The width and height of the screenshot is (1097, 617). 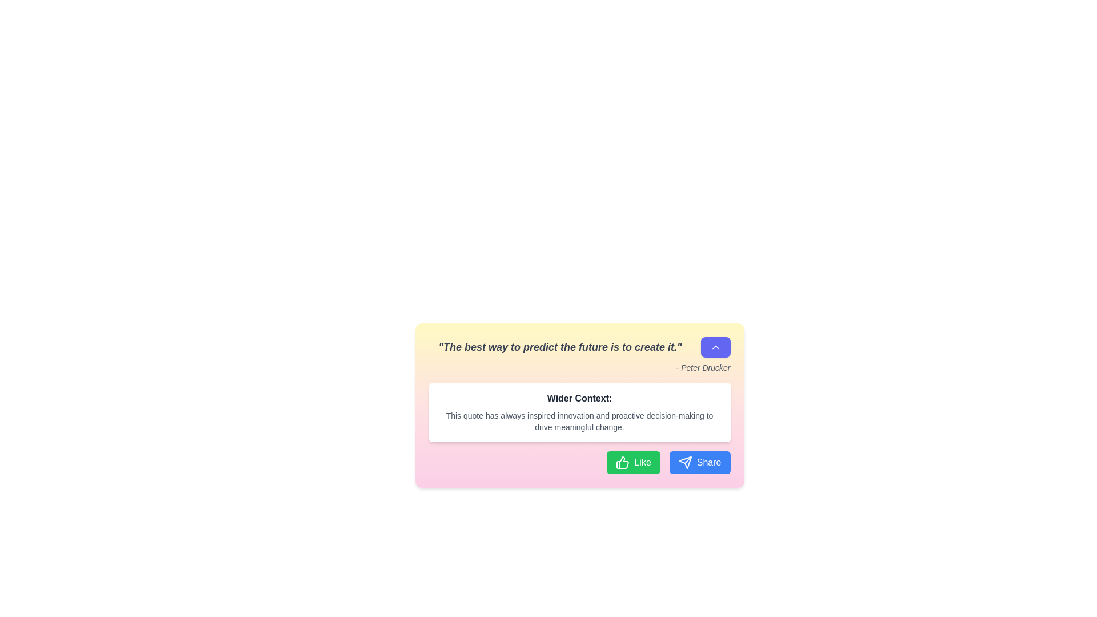 I want to click on the center of the icon located at the top-right corner of the quote card, which serves as a button for expanding or collapsing content, so click(x=715, y=347).